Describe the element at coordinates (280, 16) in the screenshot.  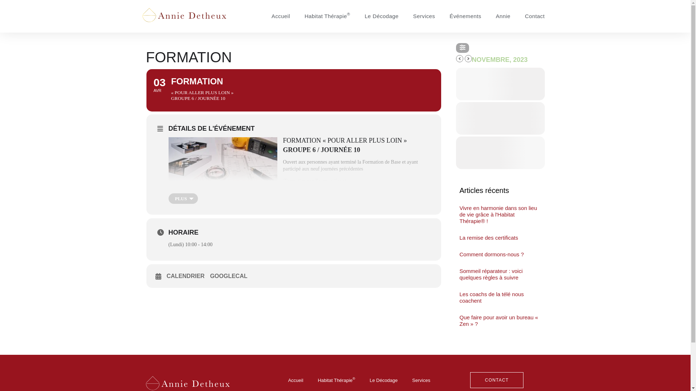
I see `'Accueil'` at that location.